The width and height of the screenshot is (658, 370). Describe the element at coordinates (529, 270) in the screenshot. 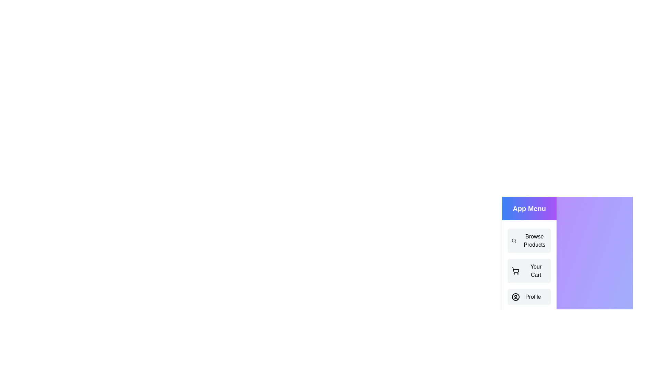

I see `the menu item Your Cart to observe the hover effect` at that location.